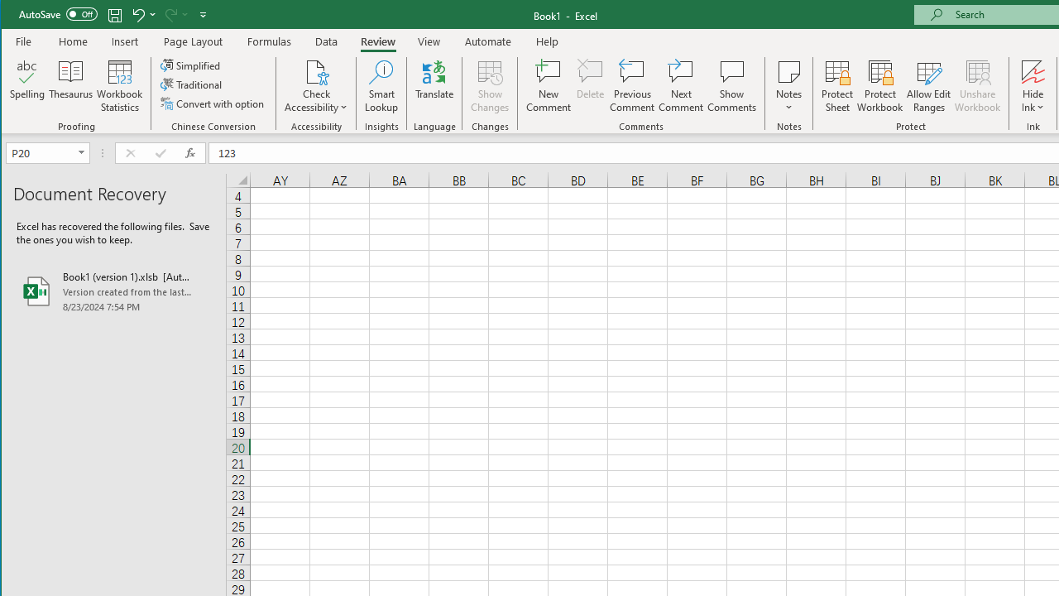 This screenshot has height=596, width=1059. I want to click on 'Data', so click(327, 41).